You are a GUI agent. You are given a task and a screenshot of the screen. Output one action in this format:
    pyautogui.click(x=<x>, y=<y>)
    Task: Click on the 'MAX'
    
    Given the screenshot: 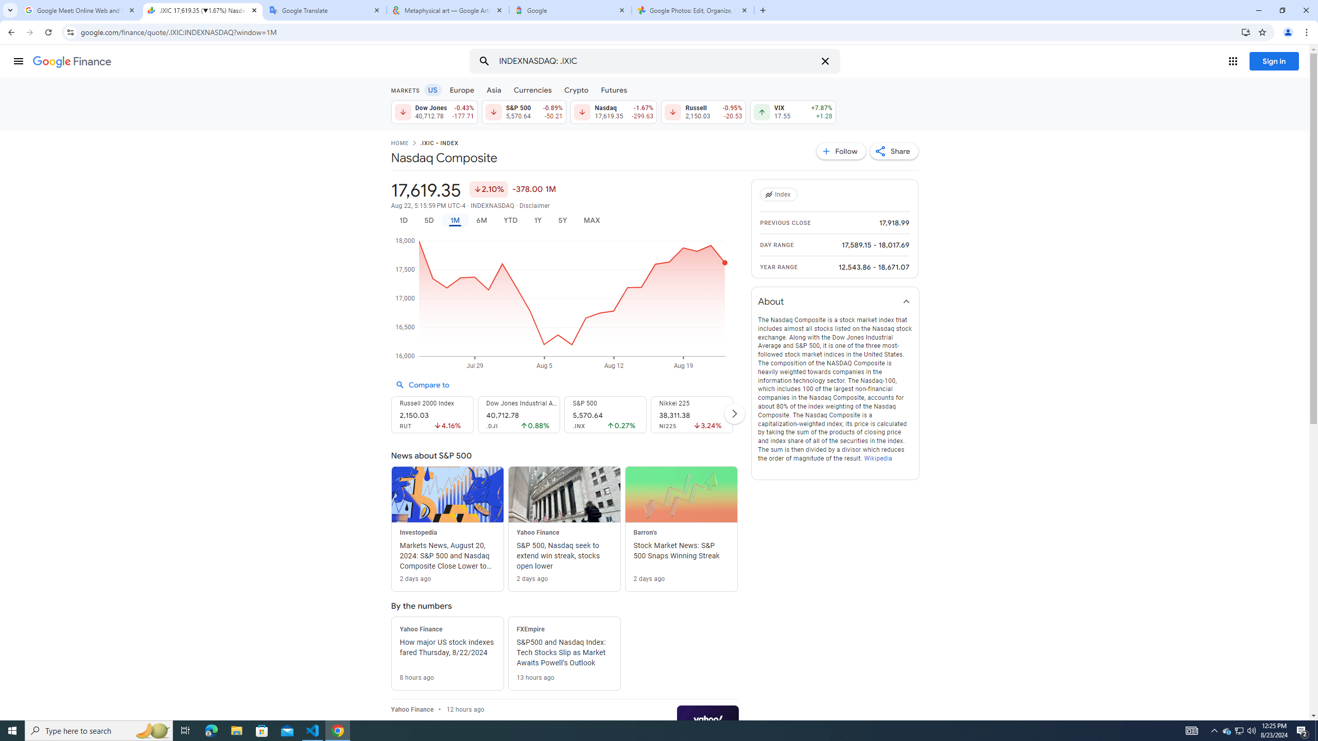 What is the action you would take?
    pyautogui.click(x=592, y=220)
    